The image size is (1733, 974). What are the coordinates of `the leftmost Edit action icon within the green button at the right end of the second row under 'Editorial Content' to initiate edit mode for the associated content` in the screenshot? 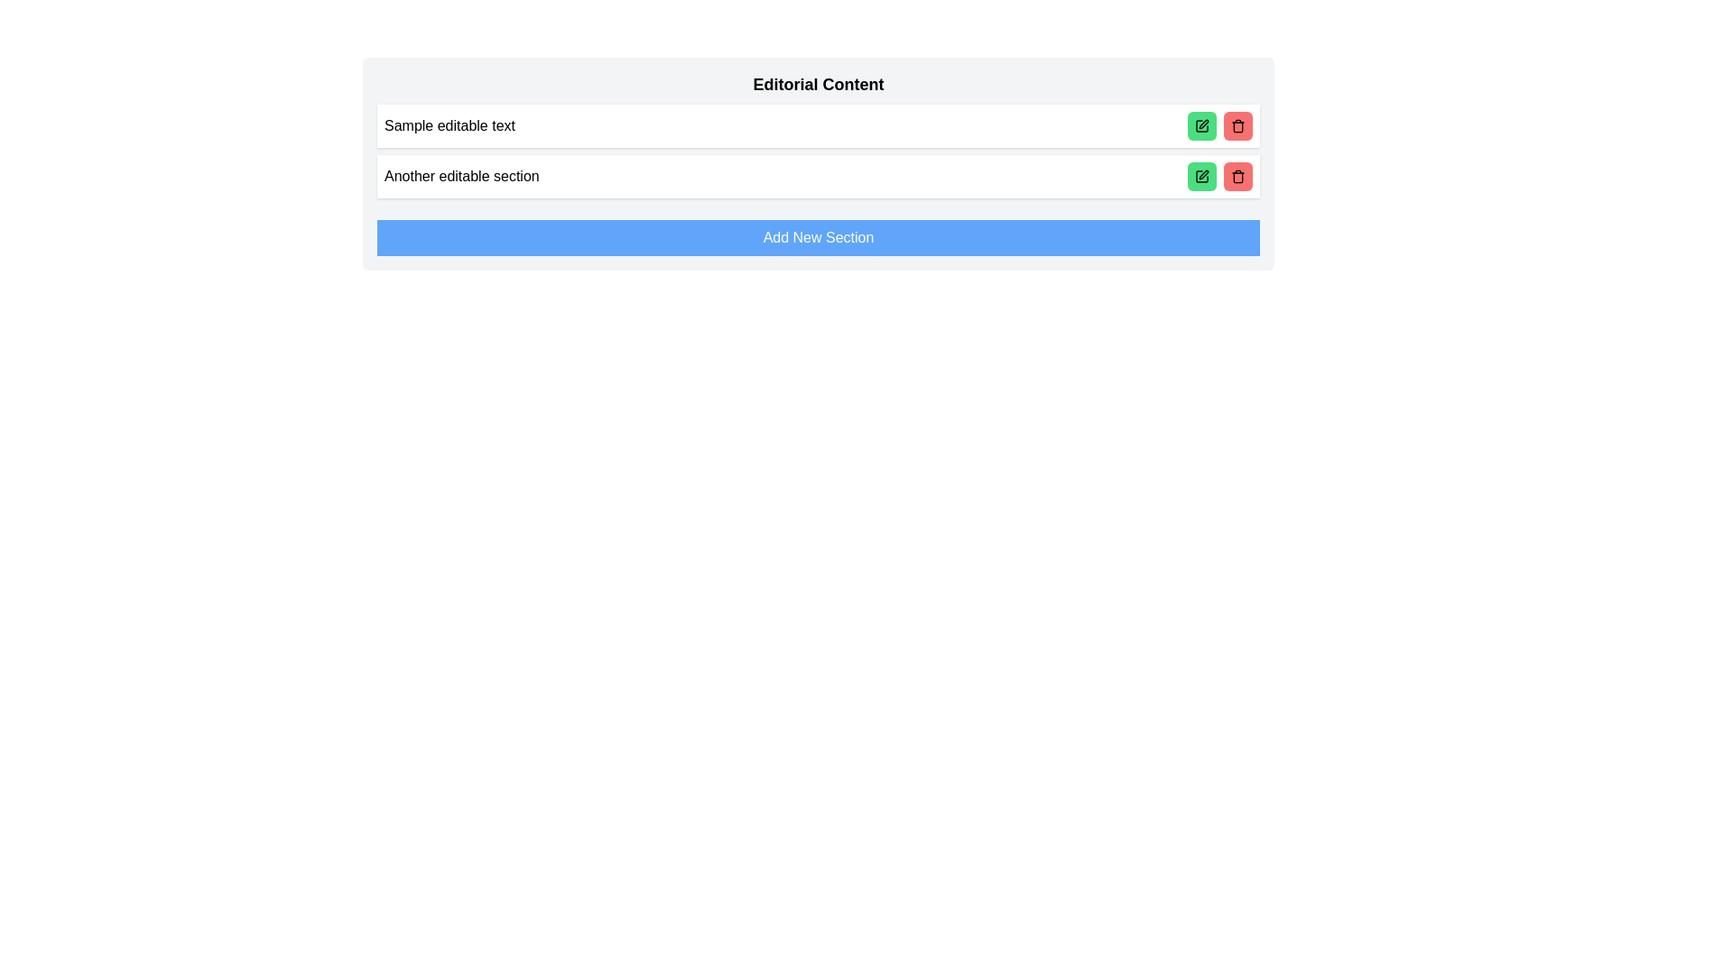 It's located at (1201, 124).